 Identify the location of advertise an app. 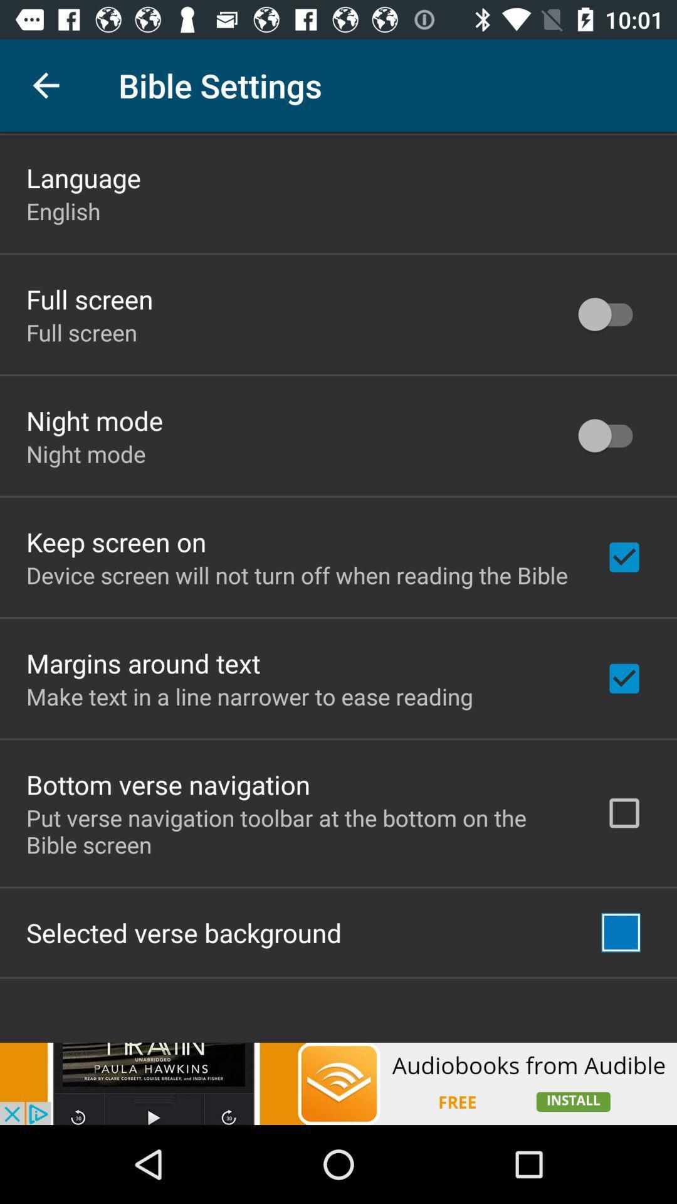
(338, 1083).